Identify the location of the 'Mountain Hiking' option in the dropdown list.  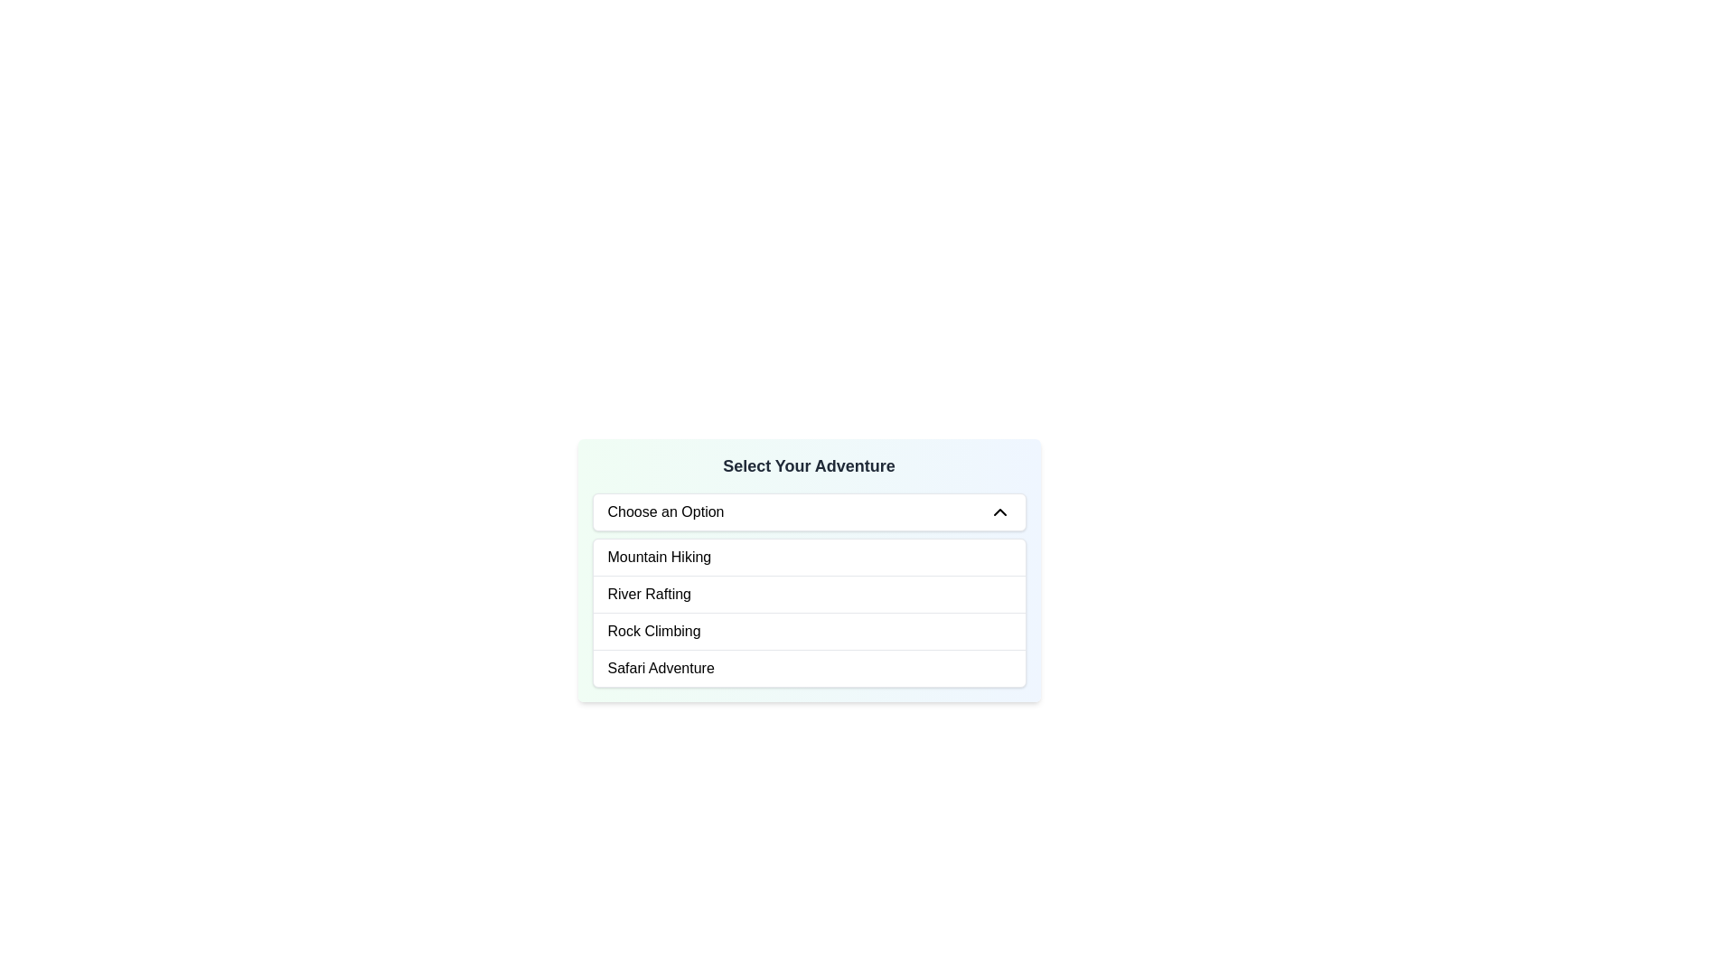
(808, 557).